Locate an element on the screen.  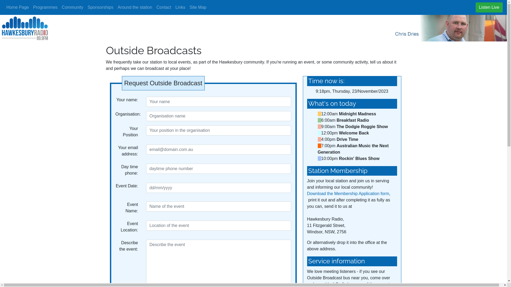
'Programmes' is located at coordinates (30, 7).